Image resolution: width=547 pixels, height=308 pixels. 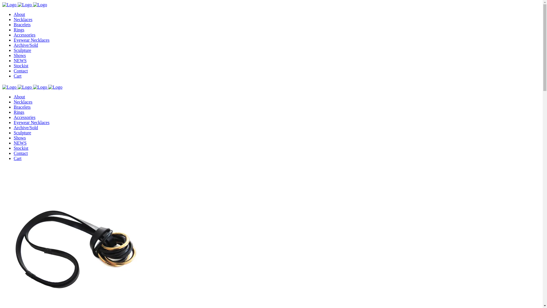 What do you see at coordinates (20, 138) in the screenshot?
I see `'Shows'` at bounding box center [20, 138].